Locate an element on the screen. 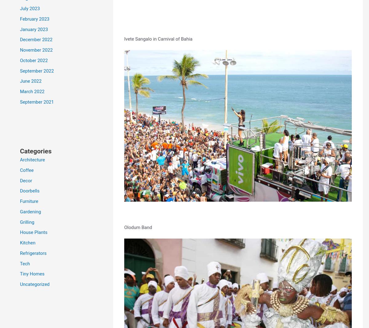  'Ivete Sangalo in Carnival of Bahia' is located at coordinates (124, 38).